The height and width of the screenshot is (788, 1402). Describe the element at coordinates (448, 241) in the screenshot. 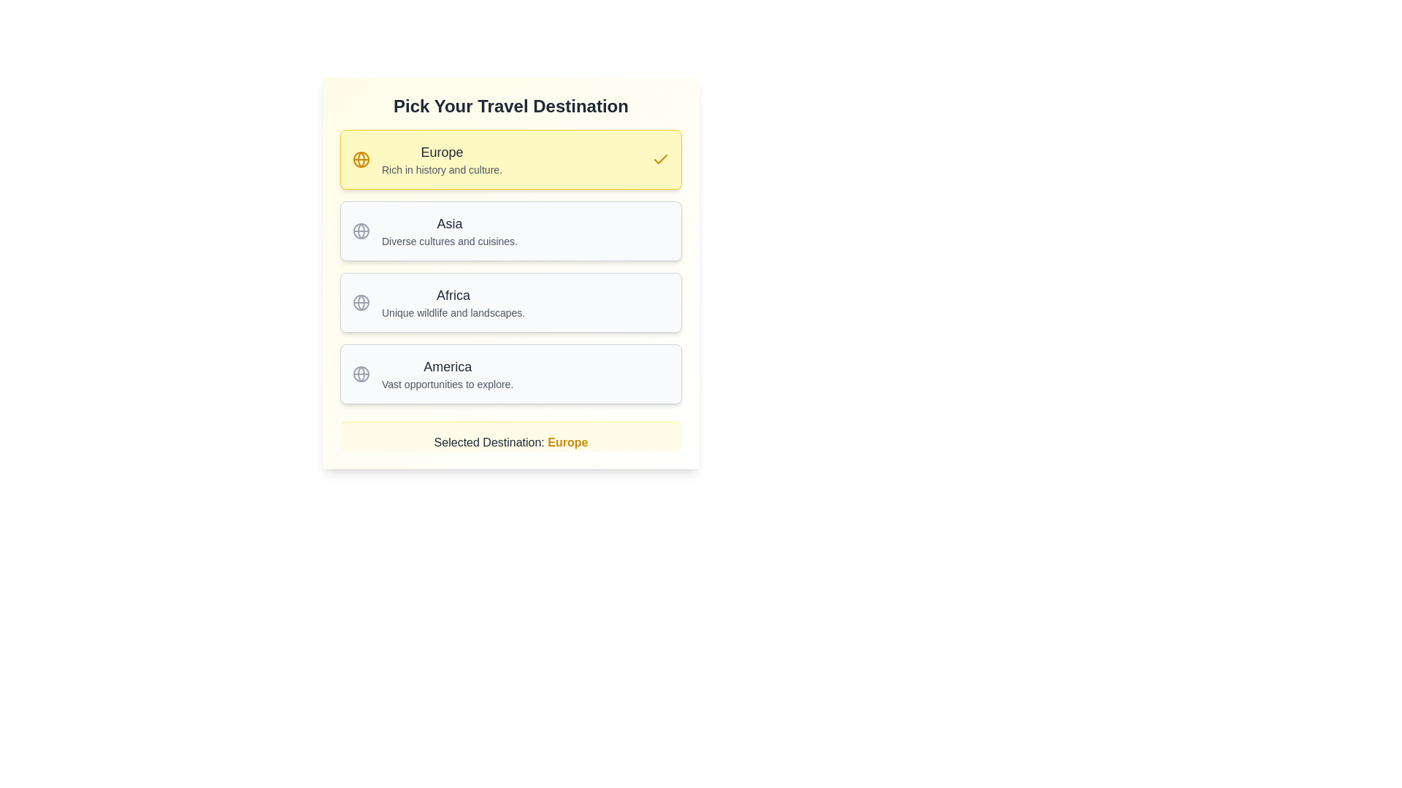

I see `the descriptive Text Label about 'Asia'` at that location.